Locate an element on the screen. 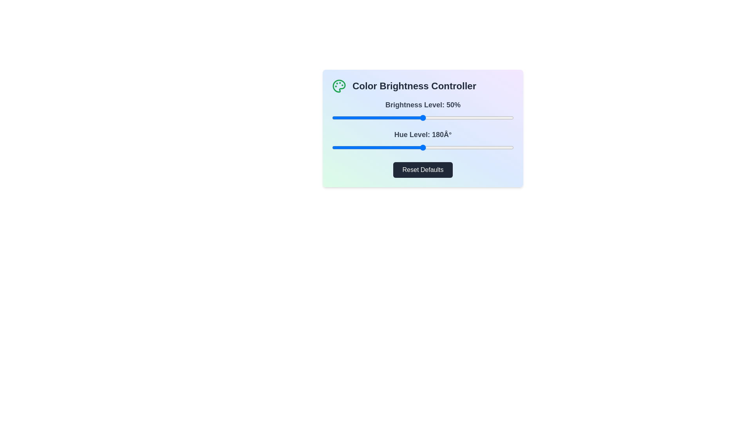  the hue level to 143° by interacting with the hue slider is located at coordinates (404, 148).